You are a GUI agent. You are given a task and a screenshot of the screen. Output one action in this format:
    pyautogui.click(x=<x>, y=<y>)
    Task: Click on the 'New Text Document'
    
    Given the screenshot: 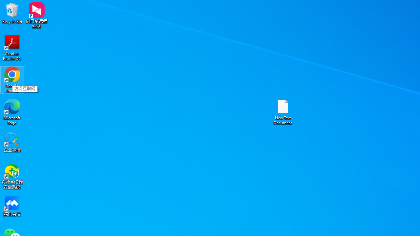 What is the action you would take?
    pyautogui.click(x=283, y=111)
    